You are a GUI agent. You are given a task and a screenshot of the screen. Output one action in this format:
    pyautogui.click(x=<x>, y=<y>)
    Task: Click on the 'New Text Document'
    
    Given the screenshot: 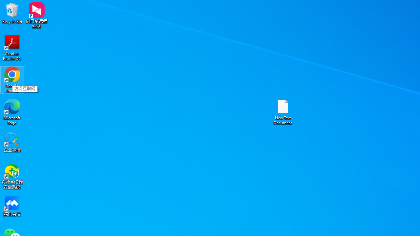 What is the action you would take?
    pyautogui.click(x=283, y=111)
    